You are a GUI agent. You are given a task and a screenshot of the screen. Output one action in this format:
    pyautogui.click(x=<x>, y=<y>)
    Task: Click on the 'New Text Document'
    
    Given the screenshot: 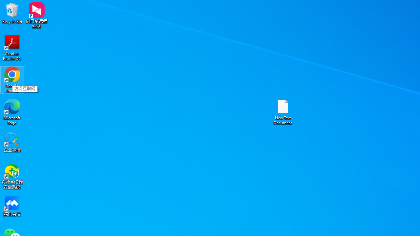 What is the action you would take?
    pyautogui.click(x=283, y=111)
    